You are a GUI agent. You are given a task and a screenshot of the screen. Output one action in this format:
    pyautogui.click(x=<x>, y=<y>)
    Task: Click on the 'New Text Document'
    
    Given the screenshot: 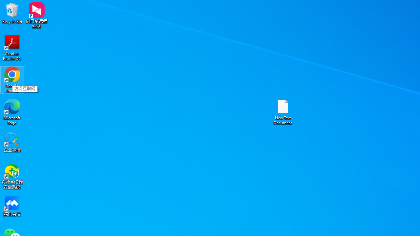 What is the action you would take?
    pyautogui.click(x=283, y=111)
    